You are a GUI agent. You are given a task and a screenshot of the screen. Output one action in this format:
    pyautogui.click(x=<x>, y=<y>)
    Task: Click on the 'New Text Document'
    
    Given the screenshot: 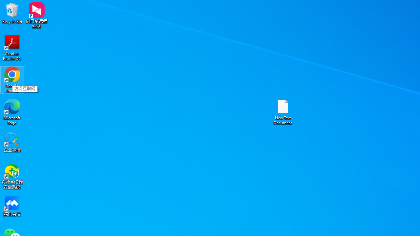 What is the action you would take?
    pyautogui.click(x=283, y=111)
    